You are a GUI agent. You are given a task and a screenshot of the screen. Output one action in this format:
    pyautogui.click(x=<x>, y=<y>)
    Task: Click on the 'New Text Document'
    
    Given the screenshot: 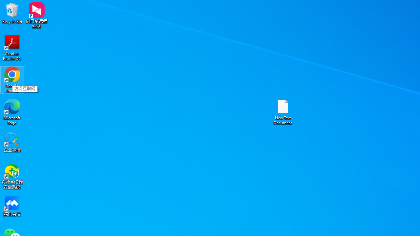 What is the action you would take?
    pyautogui.click(x=283, y=111)
    